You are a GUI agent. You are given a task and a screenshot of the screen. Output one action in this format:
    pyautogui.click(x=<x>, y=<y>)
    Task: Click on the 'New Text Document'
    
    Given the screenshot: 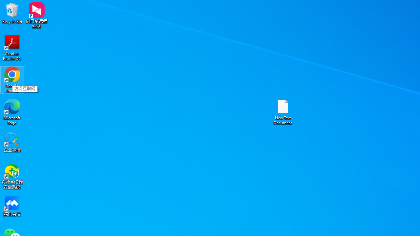 What is the action you would take?
    pyautogui.click(x=283, y=111)
    